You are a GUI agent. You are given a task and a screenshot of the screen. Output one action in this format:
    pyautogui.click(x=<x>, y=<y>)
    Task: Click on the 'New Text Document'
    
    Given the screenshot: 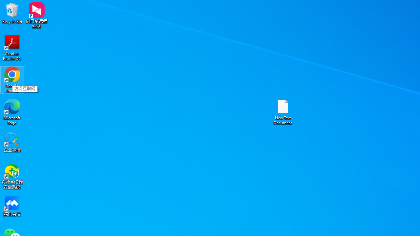 What is the action you would take?
    pyautogui.click(x=283, y=111)
    